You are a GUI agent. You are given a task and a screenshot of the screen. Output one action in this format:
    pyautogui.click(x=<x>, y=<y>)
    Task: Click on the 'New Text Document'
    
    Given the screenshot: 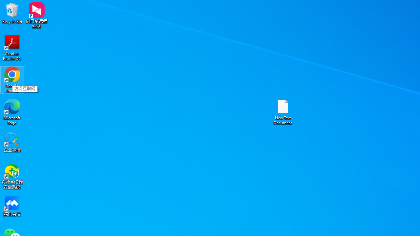 What is the action you would take?
    pyautogui.click(x=283, y=111)
    